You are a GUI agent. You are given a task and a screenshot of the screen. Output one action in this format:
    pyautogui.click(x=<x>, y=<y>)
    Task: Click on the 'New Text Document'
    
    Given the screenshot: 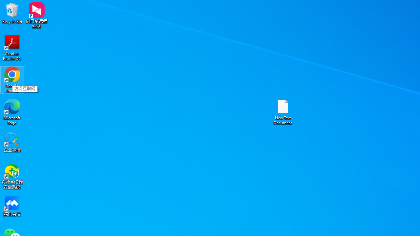 What is the action you would take?
    pyautogui.click(x=283, y=111)
    